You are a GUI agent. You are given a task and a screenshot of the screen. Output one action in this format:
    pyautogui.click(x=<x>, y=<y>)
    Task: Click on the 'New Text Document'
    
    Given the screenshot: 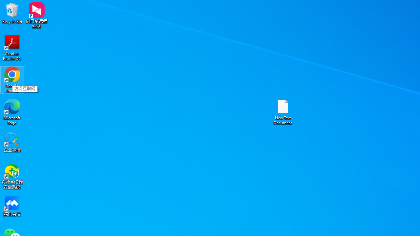 What is the action you would take?
    pyautogui.click(x=283, y=111)
    